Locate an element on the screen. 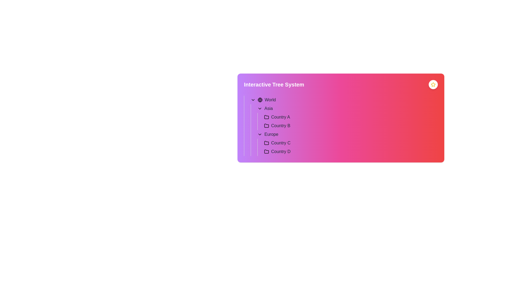 Image resolution: width=517 pixels, height=291 pixels. the folder icon representing 'Country C' within the hierarchical tree structure under the 'Europe' group is located at coordinates (266, 142).